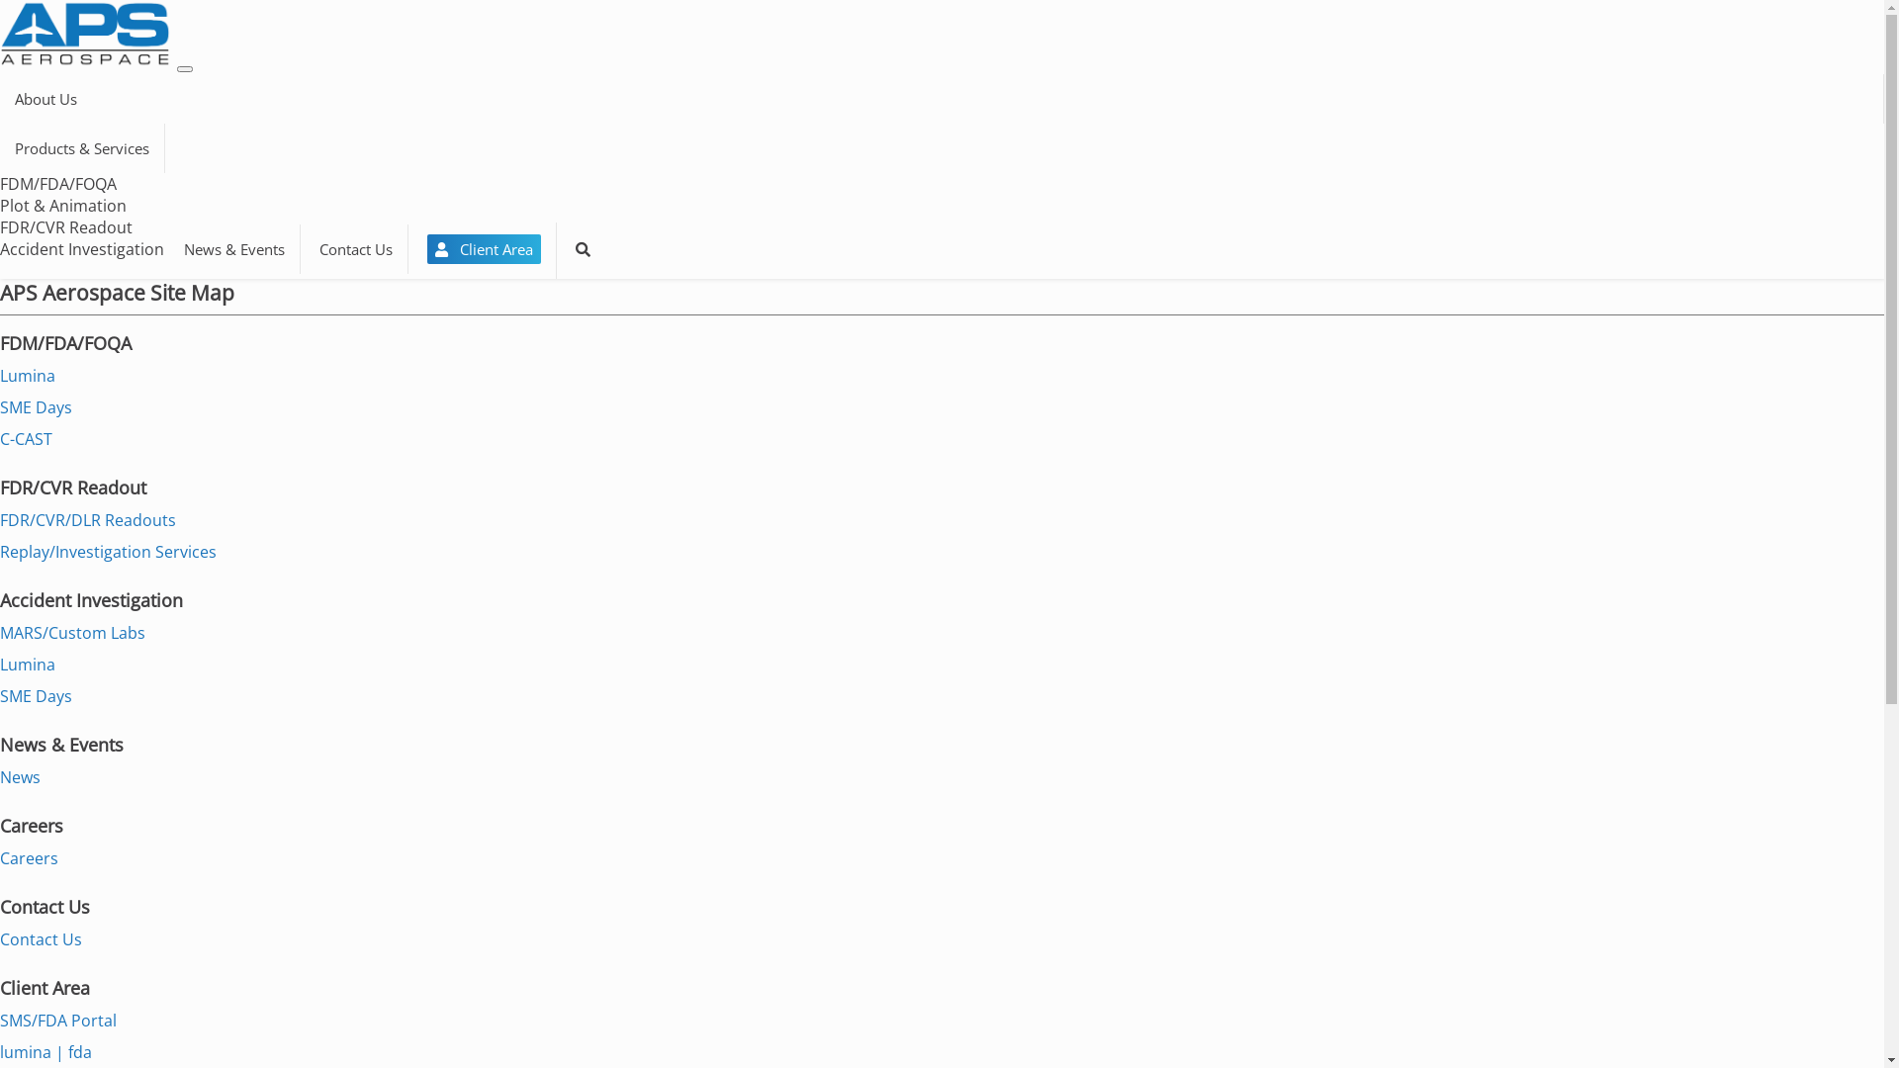  What do you see at coordinates (0, 633) in the screenshot?
I see `'MARS/Custom Labs'` at bounding box center [0, 633].